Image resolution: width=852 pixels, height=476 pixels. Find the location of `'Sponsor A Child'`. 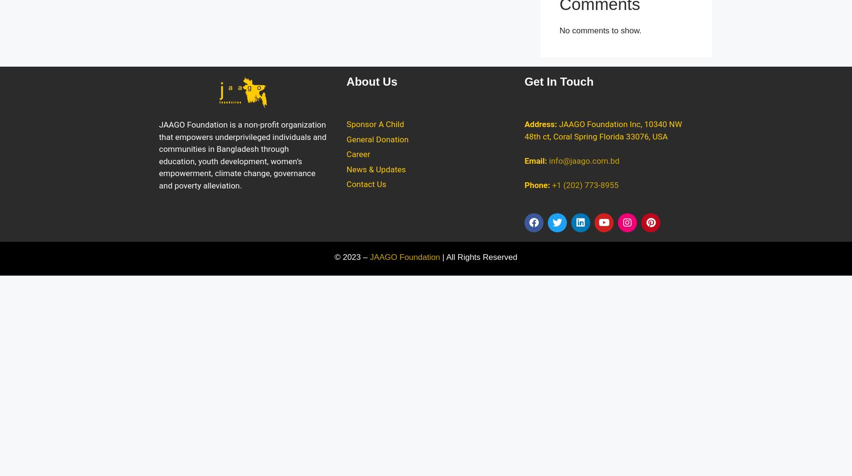

'Sponsor A Child' is located at coordinates (375, 124).